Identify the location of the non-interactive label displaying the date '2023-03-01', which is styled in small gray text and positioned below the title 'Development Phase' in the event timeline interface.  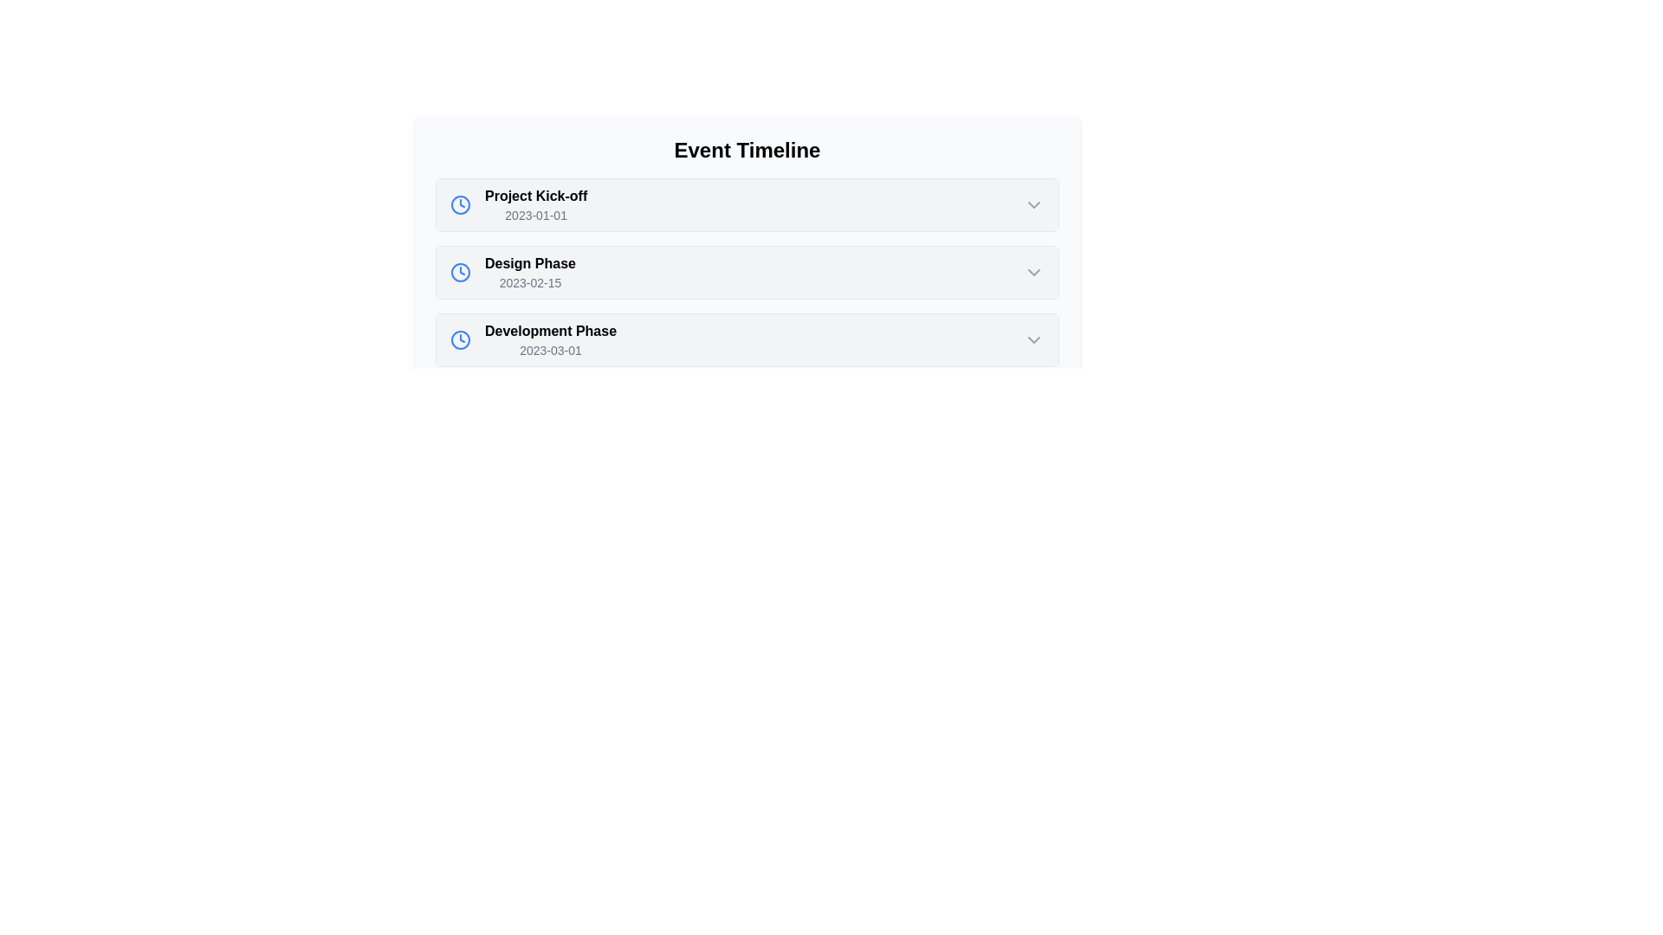
(550, 351).